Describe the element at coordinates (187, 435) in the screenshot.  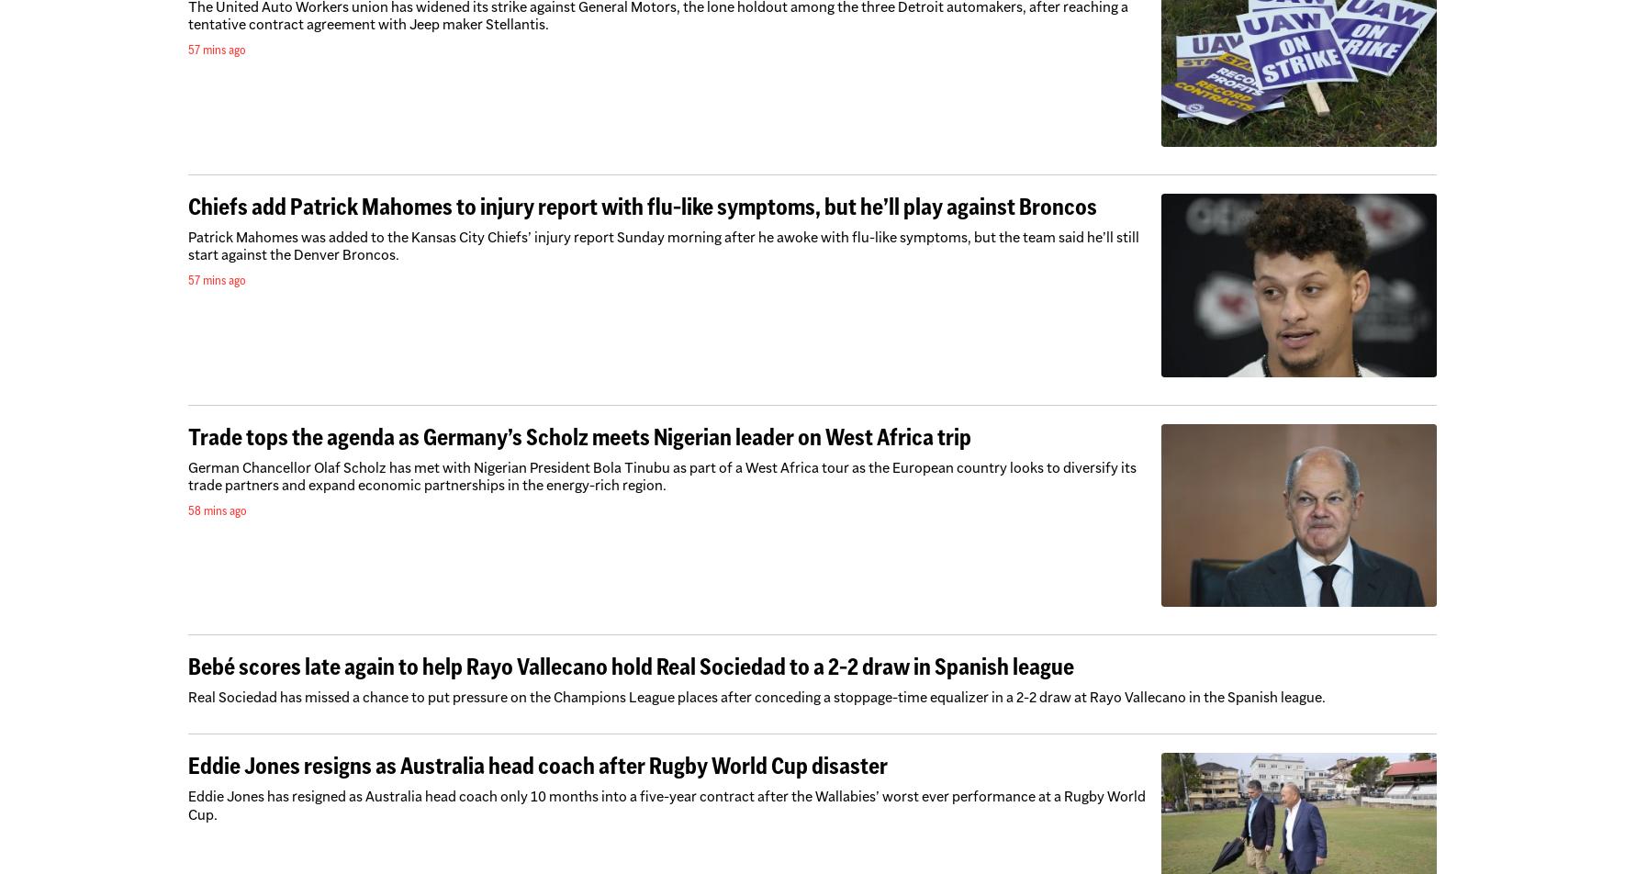
I see `'Trade tops the agenda as Germany’s Scholz meets Nigerian leader on West Africa trip'` at that location.